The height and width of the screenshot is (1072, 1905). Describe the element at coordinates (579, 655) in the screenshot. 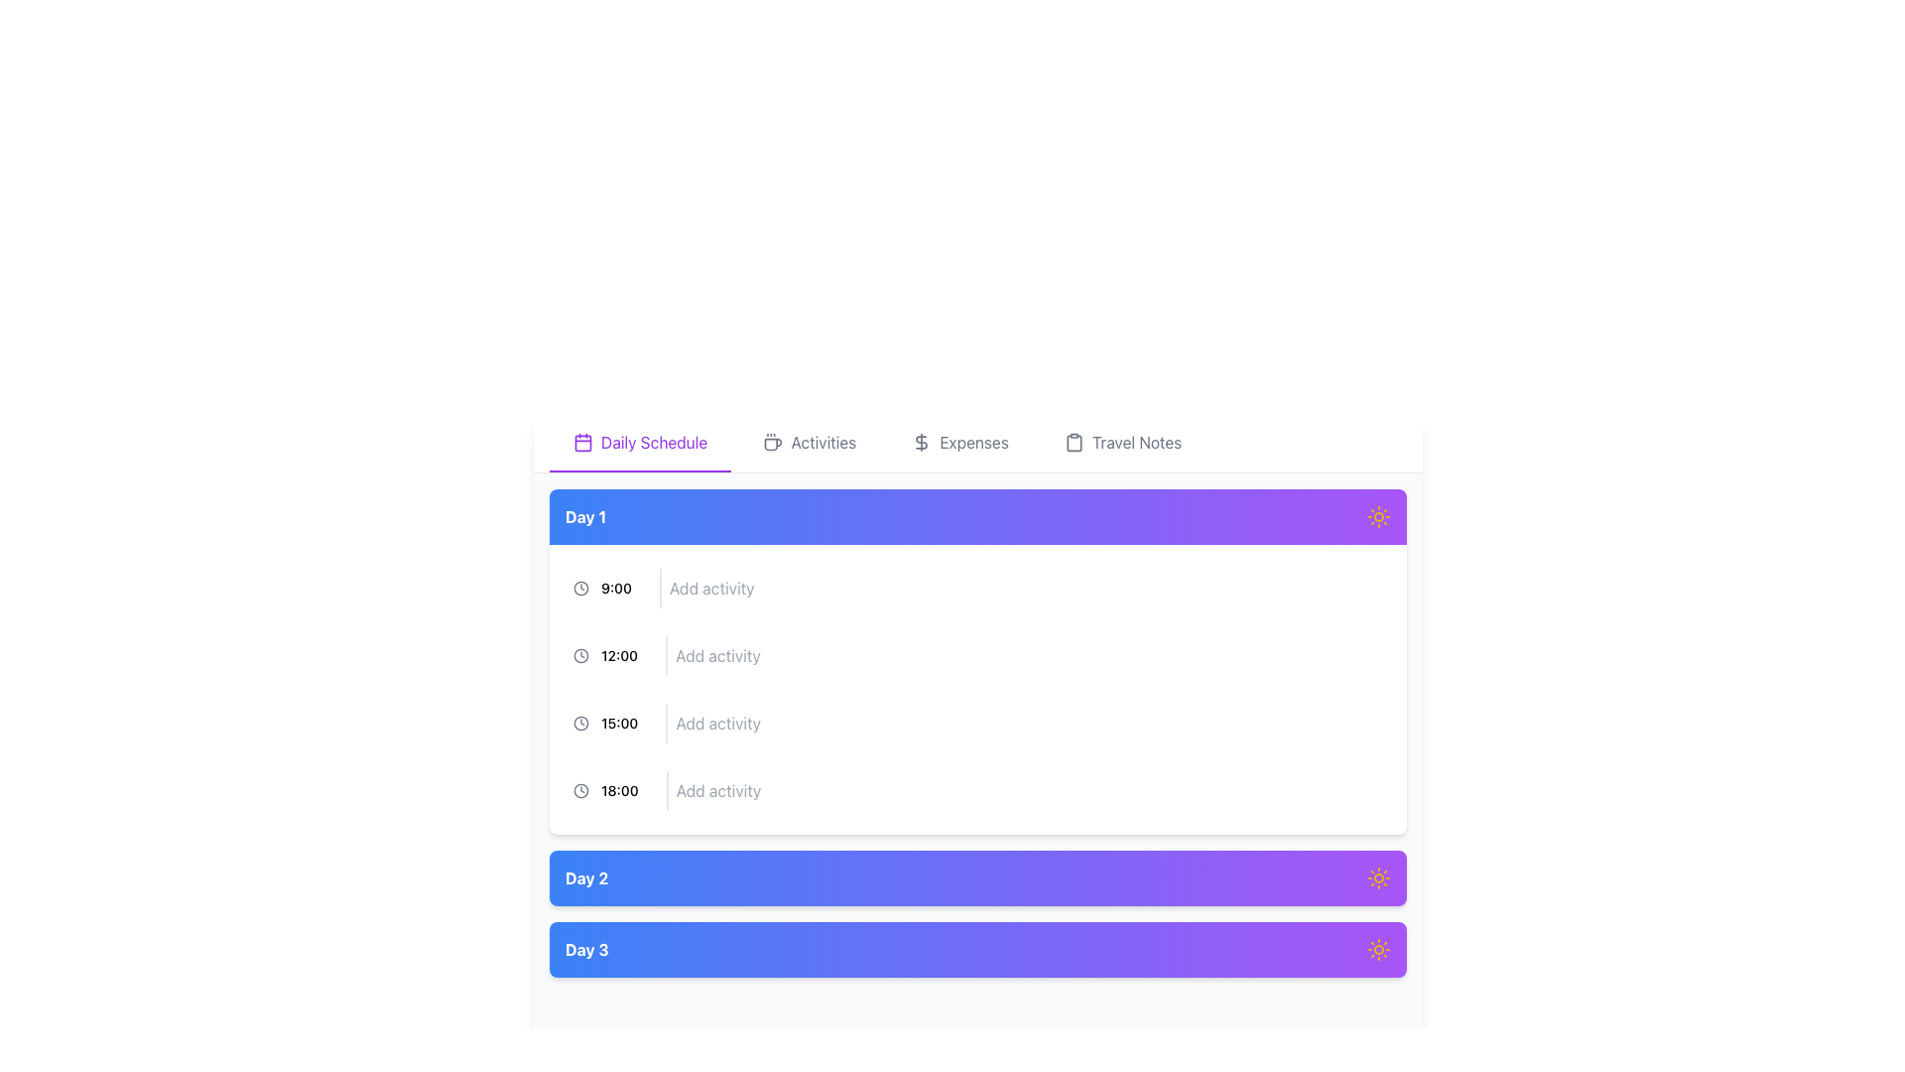

I see `the central circular component of the SVG element that signifies a clock or time-related context in the 'Daily Schedule' interface` at that location.